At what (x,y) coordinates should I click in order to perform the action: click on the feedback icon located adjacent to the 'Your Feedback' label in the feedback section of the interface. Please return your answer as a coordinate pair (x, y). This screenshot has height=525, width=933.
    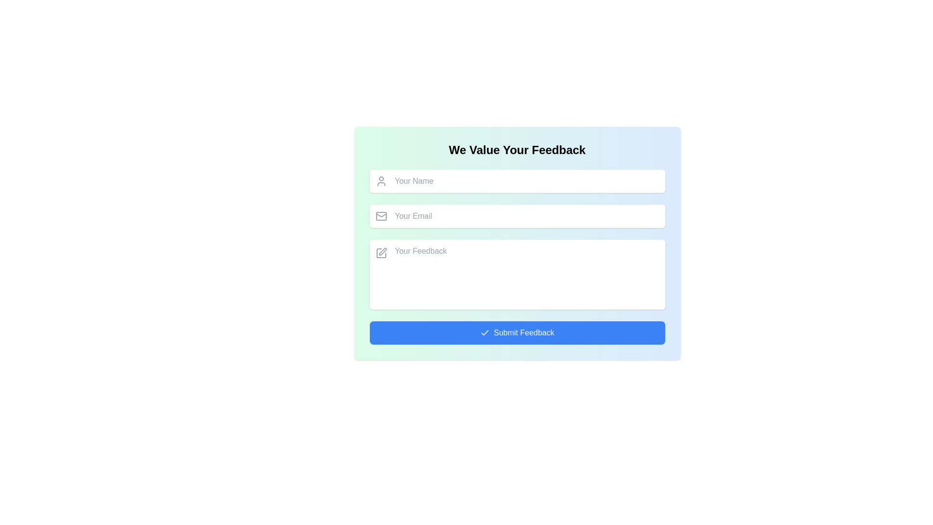
    Looking at the image, I should click on (380, 252).